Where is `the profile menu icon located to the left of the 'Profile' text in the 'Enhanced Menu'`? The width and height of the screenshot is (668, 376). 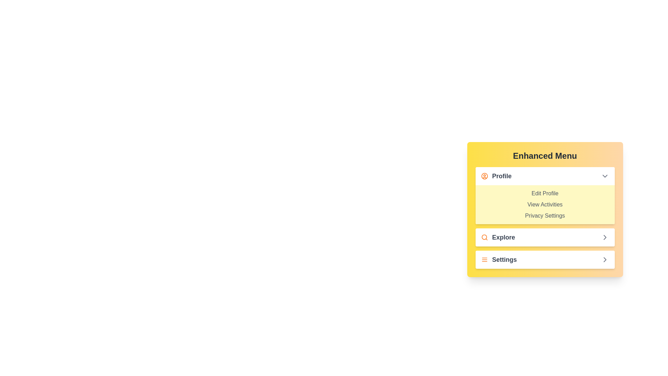 the profile menu icon located to the left of the 'Profile' text in the 'Enhanced Menu' is located at coordinates (484, 175).